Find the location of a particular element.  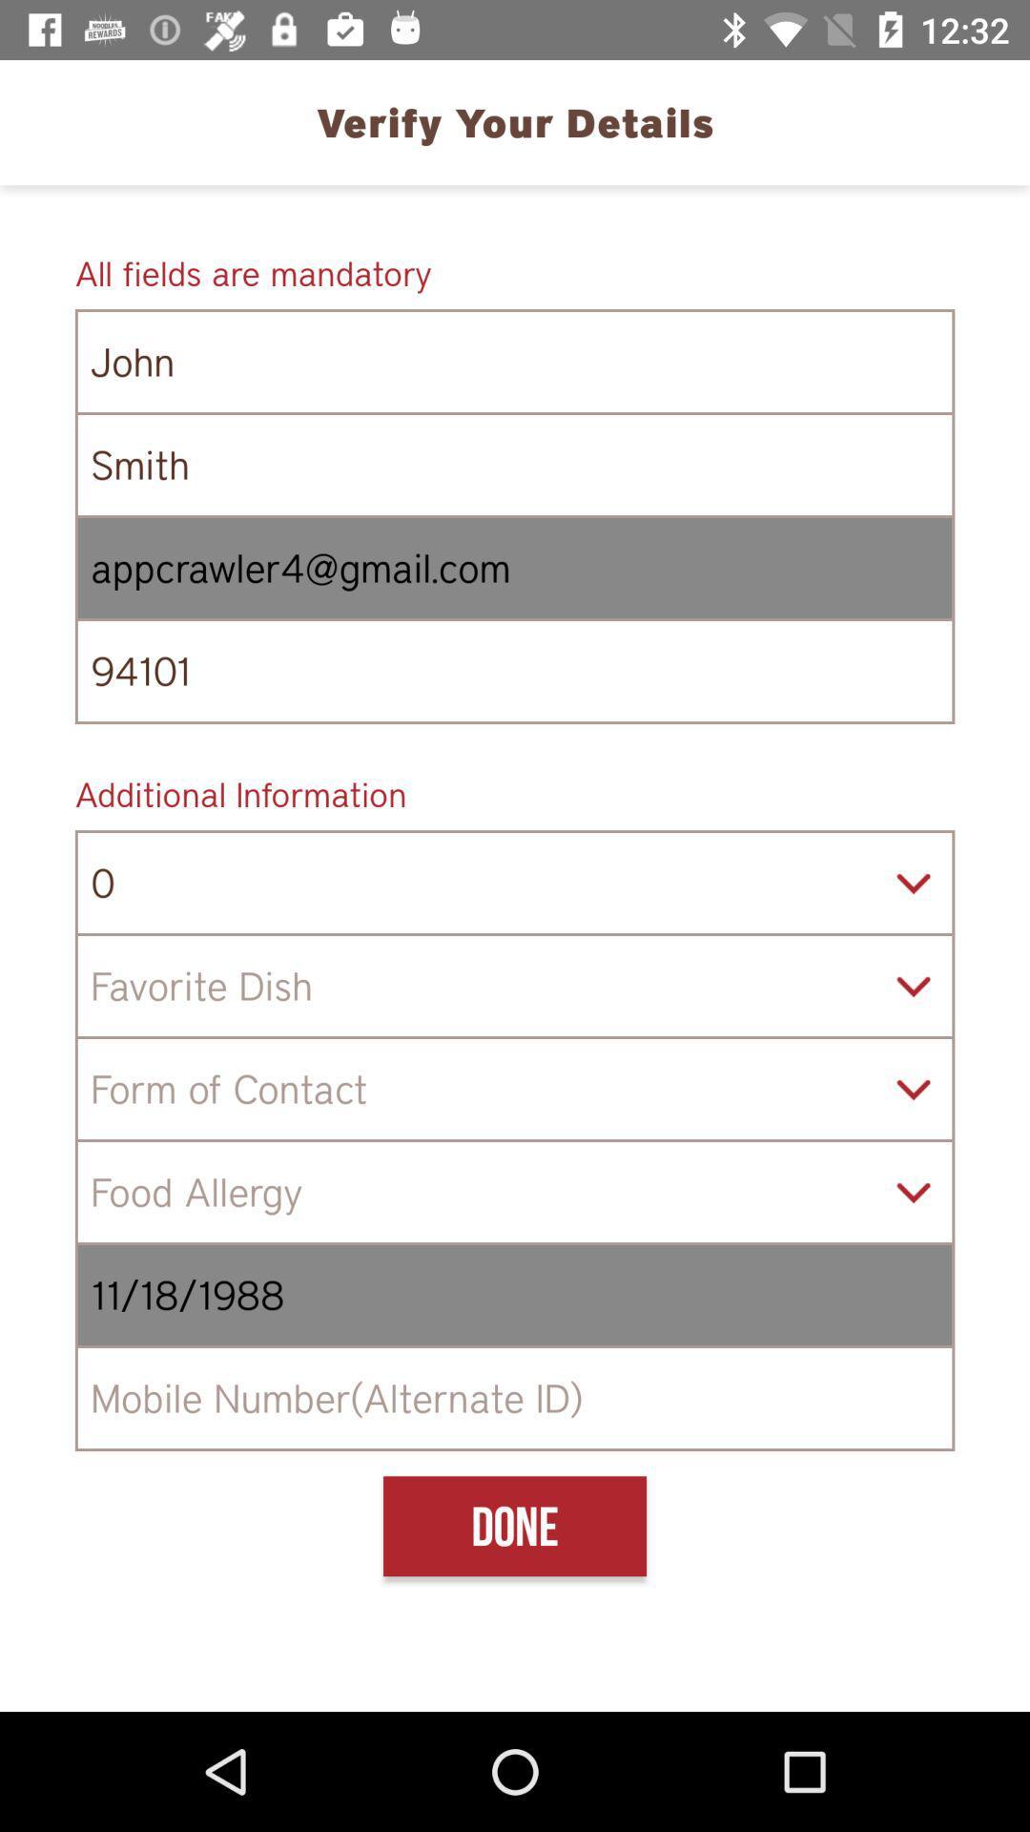

icon above the john icon is located at coordinates (515, 272).